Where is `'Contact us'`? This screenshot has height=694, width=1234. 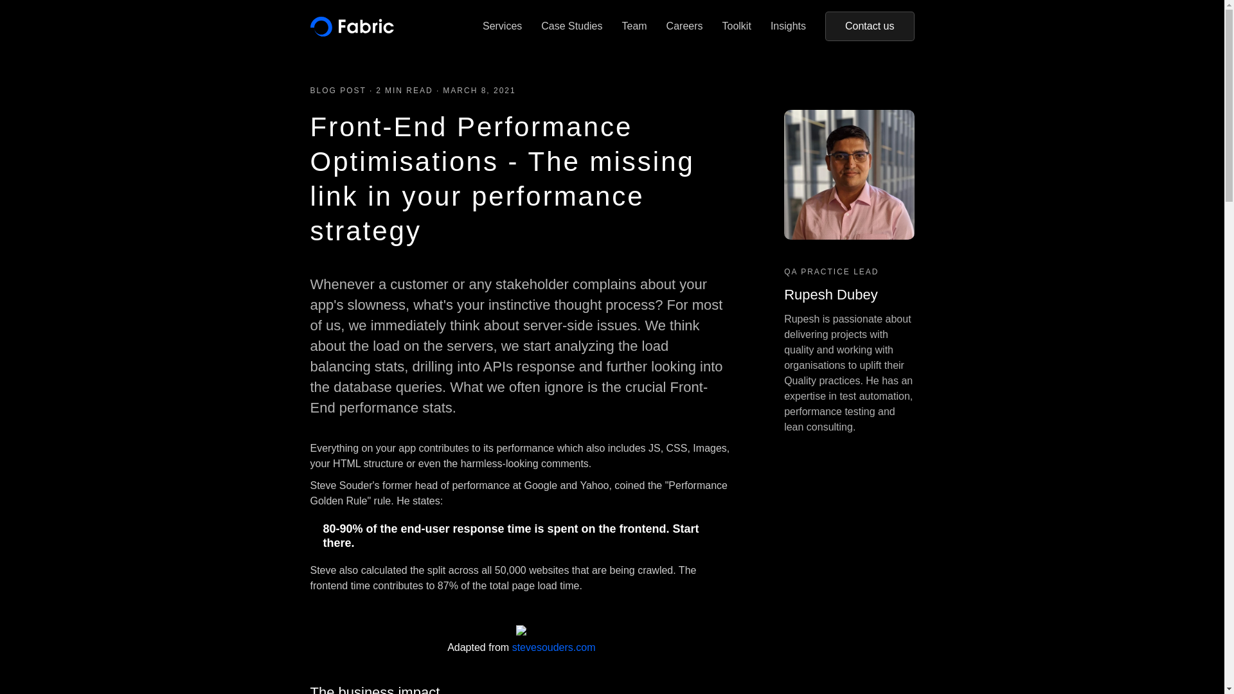
'Contact us' is located at coordinates (825, 26).